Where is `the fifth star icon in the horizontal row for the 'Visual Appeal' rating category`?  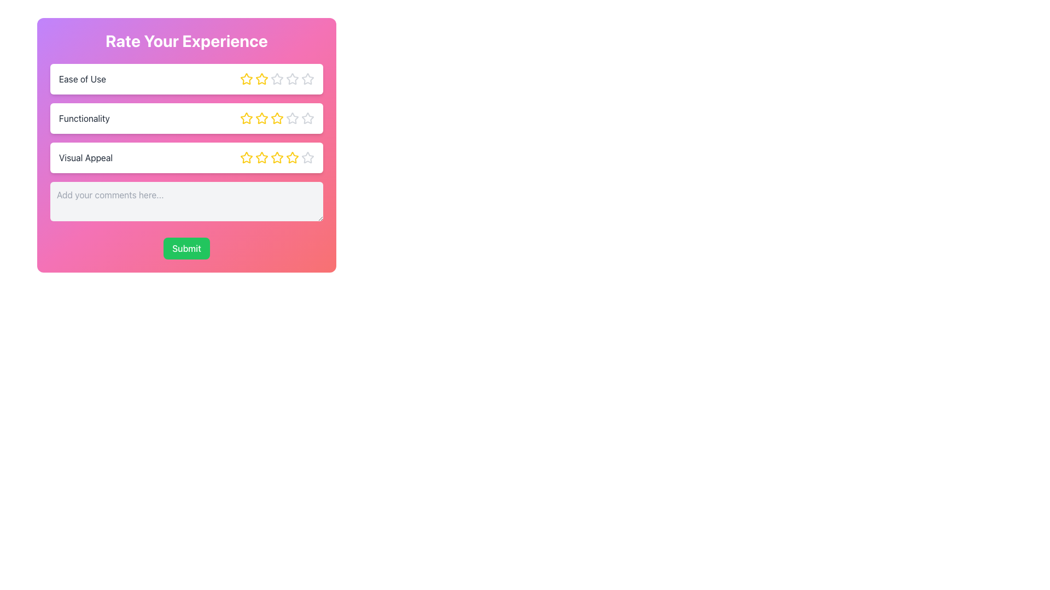
the fifth star icon in the horizontal row for the 'Visual Appeal' rating category is located at coordinates (307, 157).